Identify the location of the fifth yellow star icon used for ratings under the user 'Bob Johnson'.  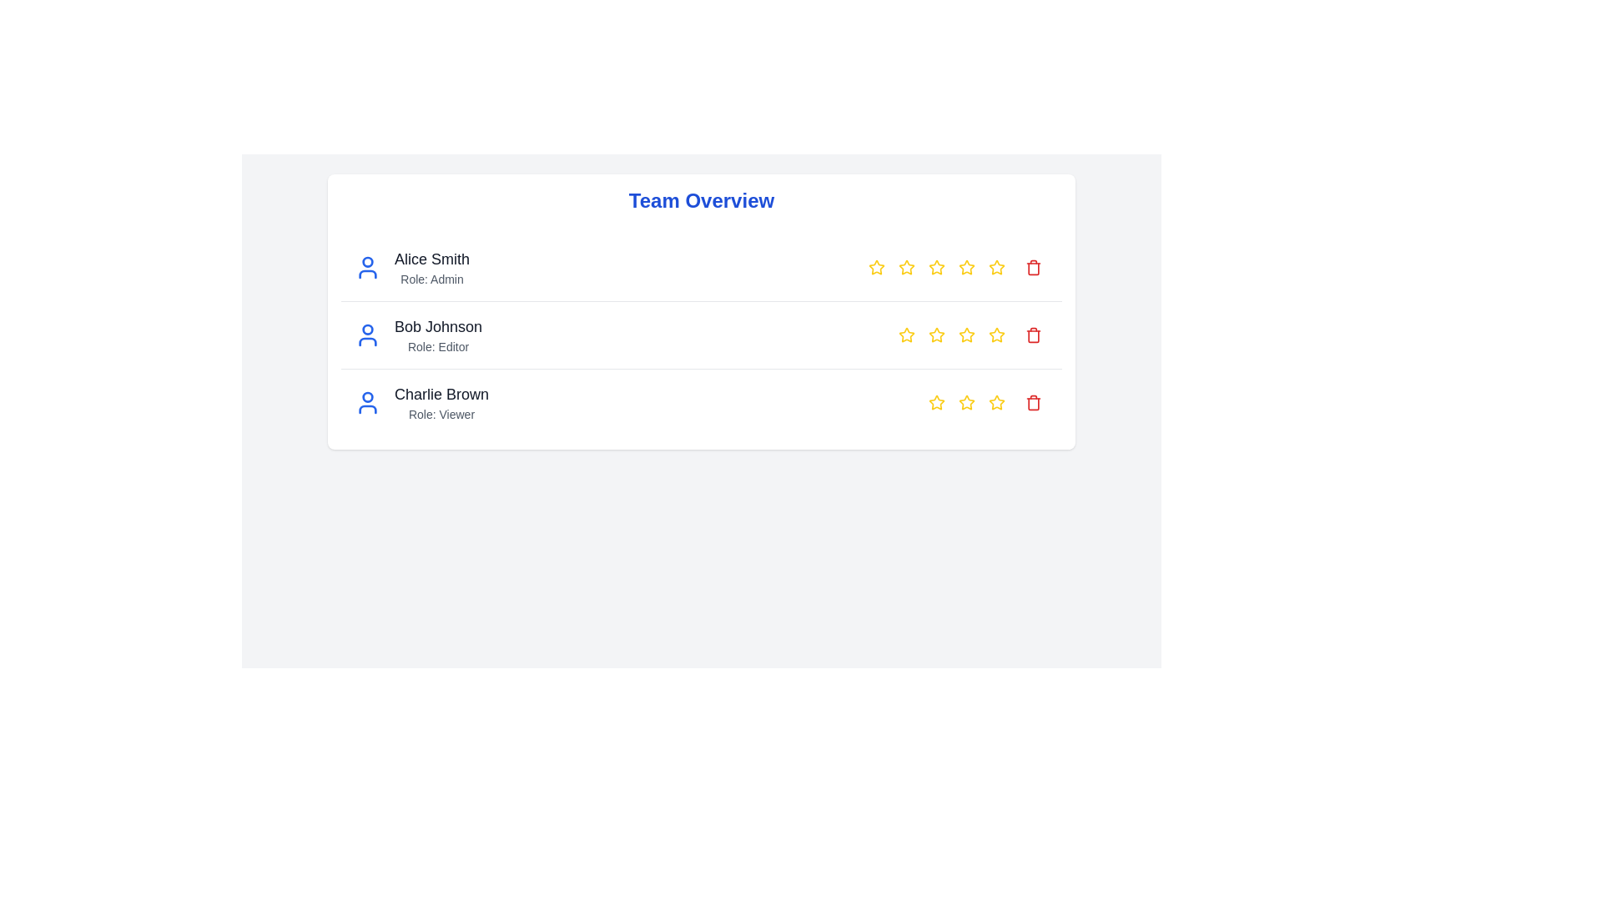
(997, 266).